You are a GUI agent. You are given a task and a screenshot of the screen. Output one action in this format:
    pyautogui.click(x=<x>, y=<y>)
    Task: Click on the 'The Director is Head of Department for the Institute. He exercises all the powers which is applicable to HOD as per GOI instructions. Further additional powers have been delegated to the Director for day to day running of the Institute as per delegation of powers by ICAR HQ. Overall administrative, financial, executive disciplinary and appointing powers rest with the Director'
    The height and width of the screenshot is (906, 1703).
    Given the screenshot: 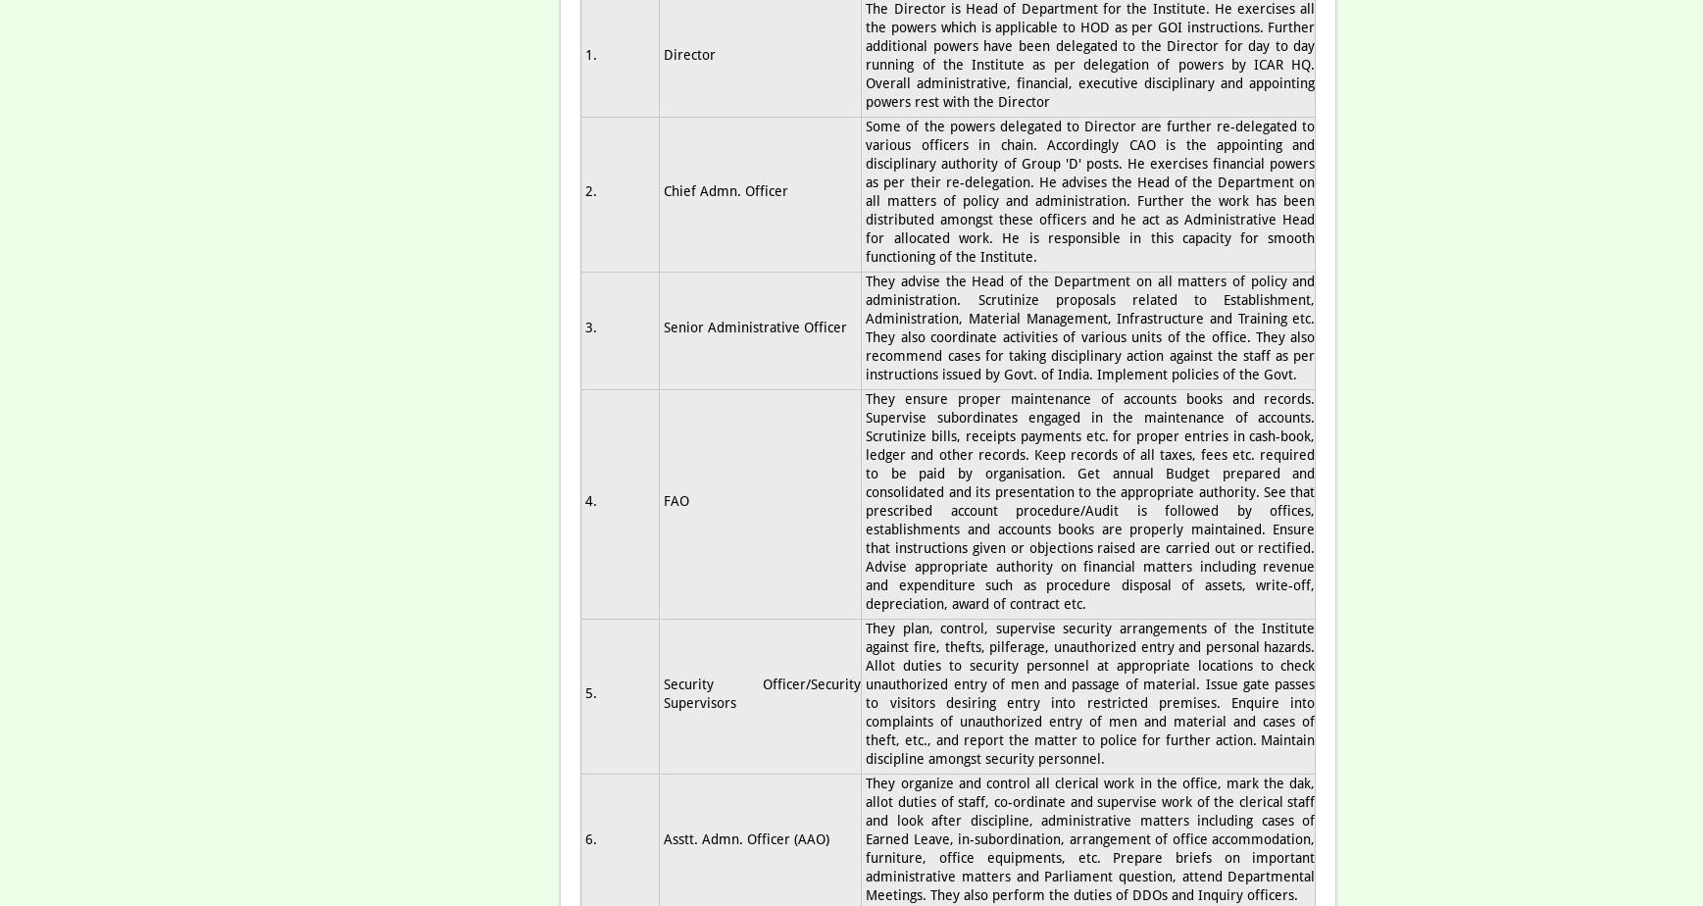 What is the action you would take?
    pyautogui.click(x=865, y=54)
    